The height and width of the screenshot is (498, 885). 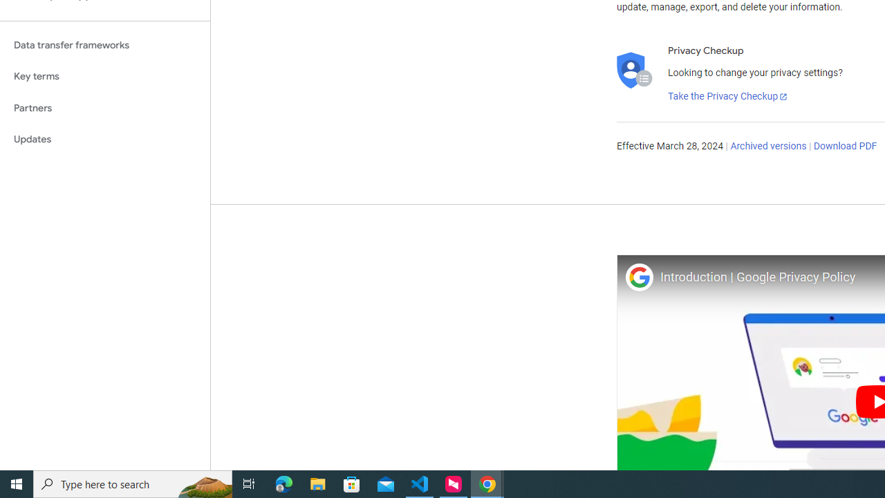 I want to click on 'Take the Privacy Checkup', so click(x=727, y=96).